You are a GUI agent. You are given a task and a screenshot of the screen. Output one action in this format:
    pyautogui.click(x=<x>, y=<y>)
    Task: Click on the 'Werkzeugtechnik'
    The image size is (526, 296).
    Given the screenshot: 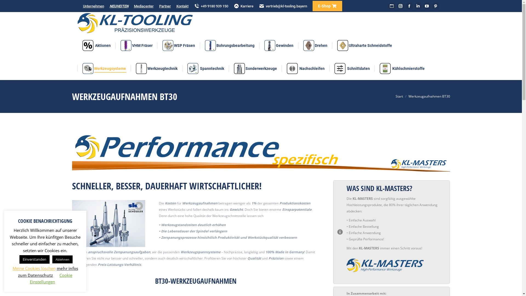 What is the action you would take?
    pyautogui.click(x=156, y=68)
    